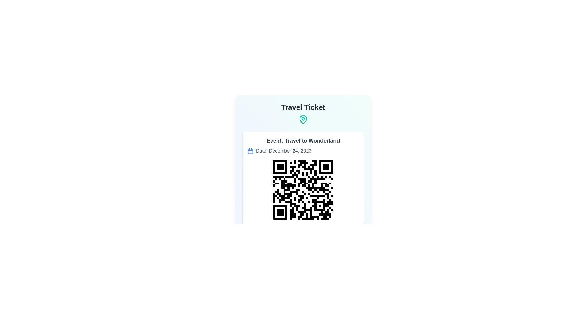 The image size is (581, 327). I want to click on QR code image located below the 'Date: December 24, 2023' text within the centered card titled 'Event: Travel to Wonderland', so click(303, 190).